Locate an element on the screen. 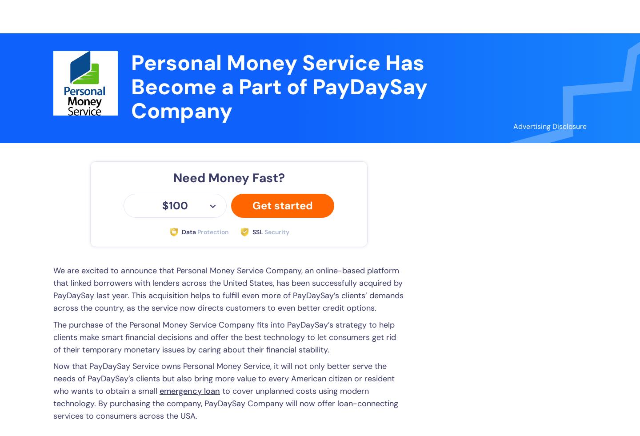 Image resolution: width=640 pixels, height=436 pixels. 'Sites Like Credit Karma – Credit Karma Alternatives' is located at coordinates (527, 141).